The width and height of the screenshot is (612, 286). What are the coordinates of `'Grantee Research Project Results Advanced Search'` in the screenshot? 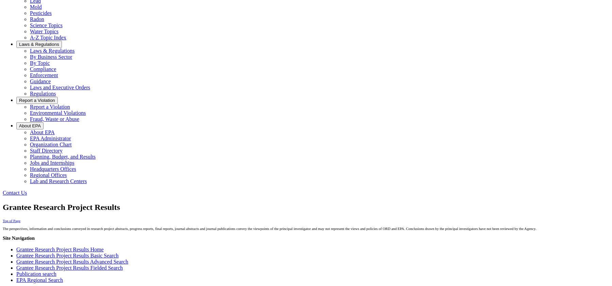 It's located at (72, 262).